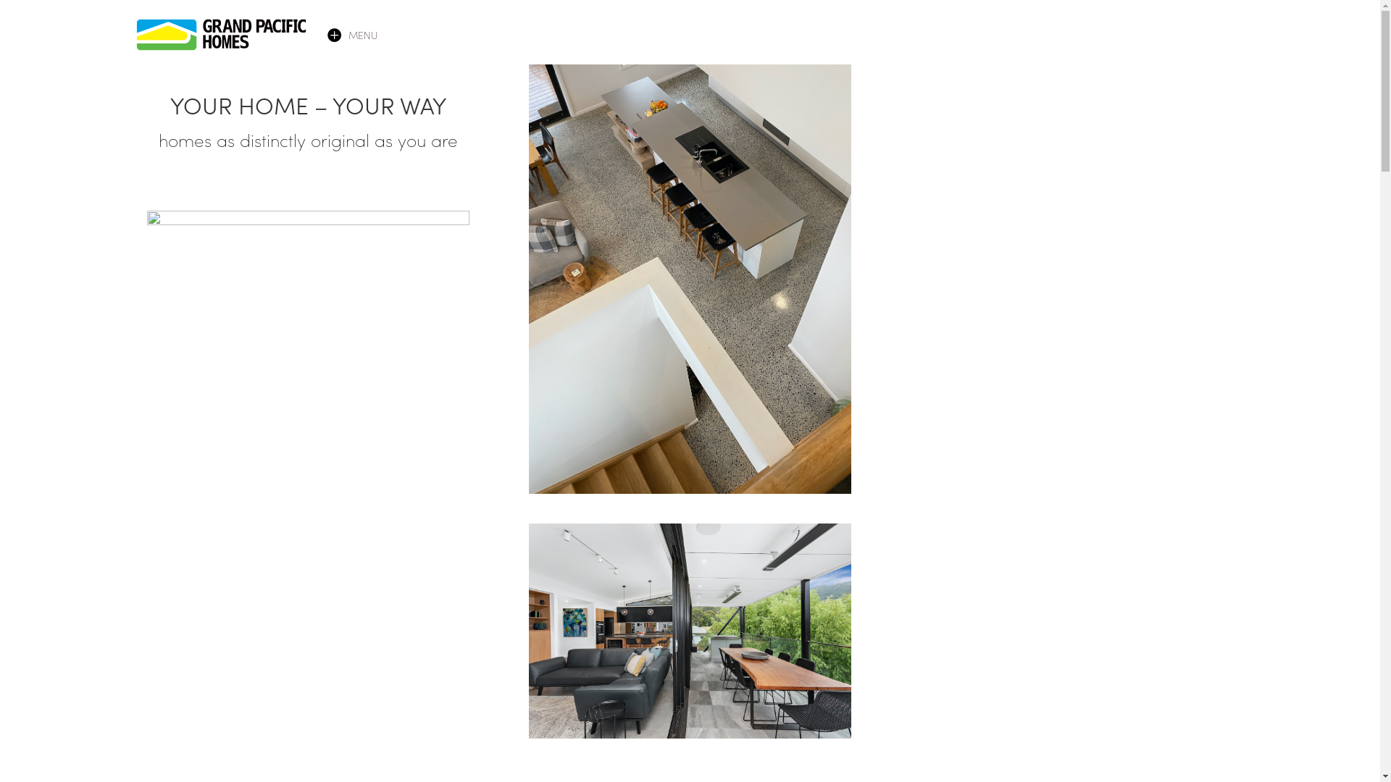 This screenshot has width=1391, height=782. I want to click on 'GPH - 77', so click(689, 279).